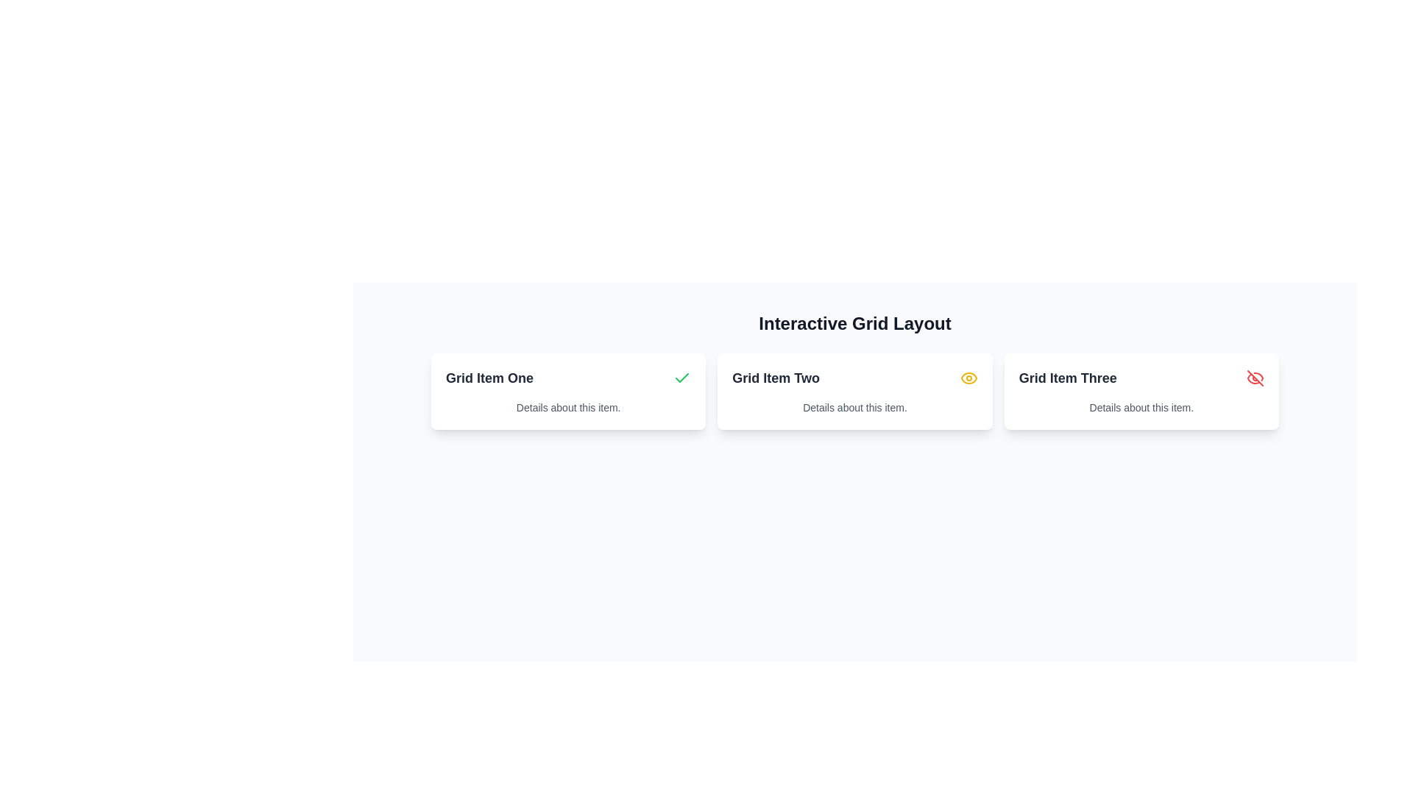 This screenshot has width=1413, height=795. I want to click on the static text label that provides additional context for the 'Grid Item Two' section, located at the bottom area of the 'Grid Item Two' card, so click(854, 408).